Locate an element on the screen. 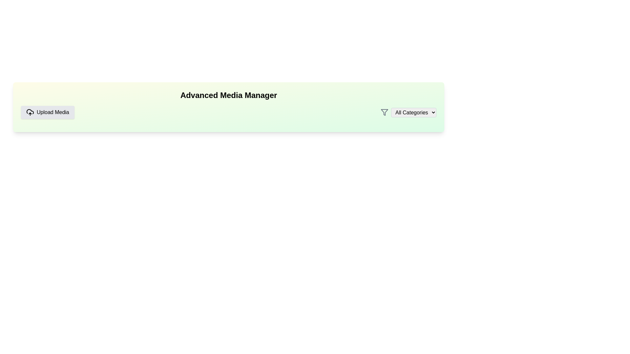 Image resolution: width=630 pixels, height=354 pixels. the dropdown menu labeled 'All Categories' is located at coordinates (413, 112).